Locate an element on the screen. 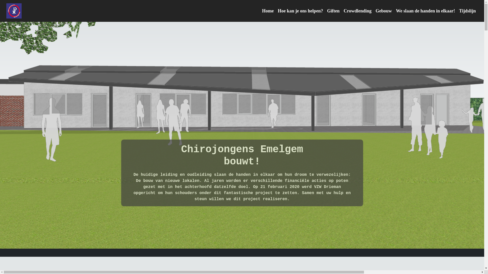 The width and height of the screenshot is (488, 274). 'Giften' is located at coordinates (333, 11).